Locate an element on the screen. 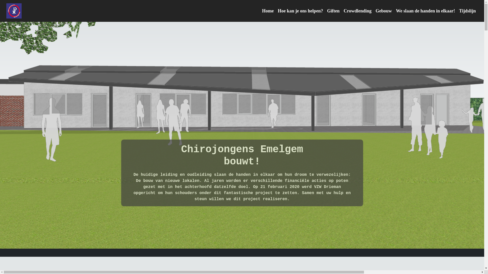 The width and height of the screenshot is (488, 274). 'Giften' is located at coordinates (333, 11).